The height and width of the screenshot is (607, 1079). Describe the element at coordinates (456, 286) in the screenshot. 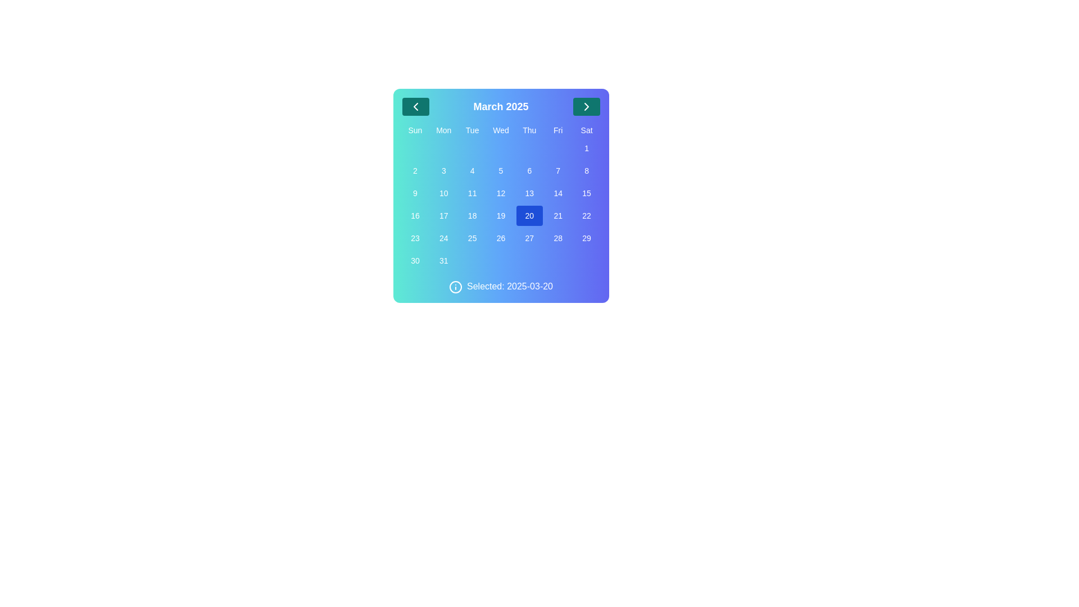

I see `the information icon located to the left of the label 'Selected: 2025-03-20' in the calendar interface, which provides access to additional information about the selected date` at that location.